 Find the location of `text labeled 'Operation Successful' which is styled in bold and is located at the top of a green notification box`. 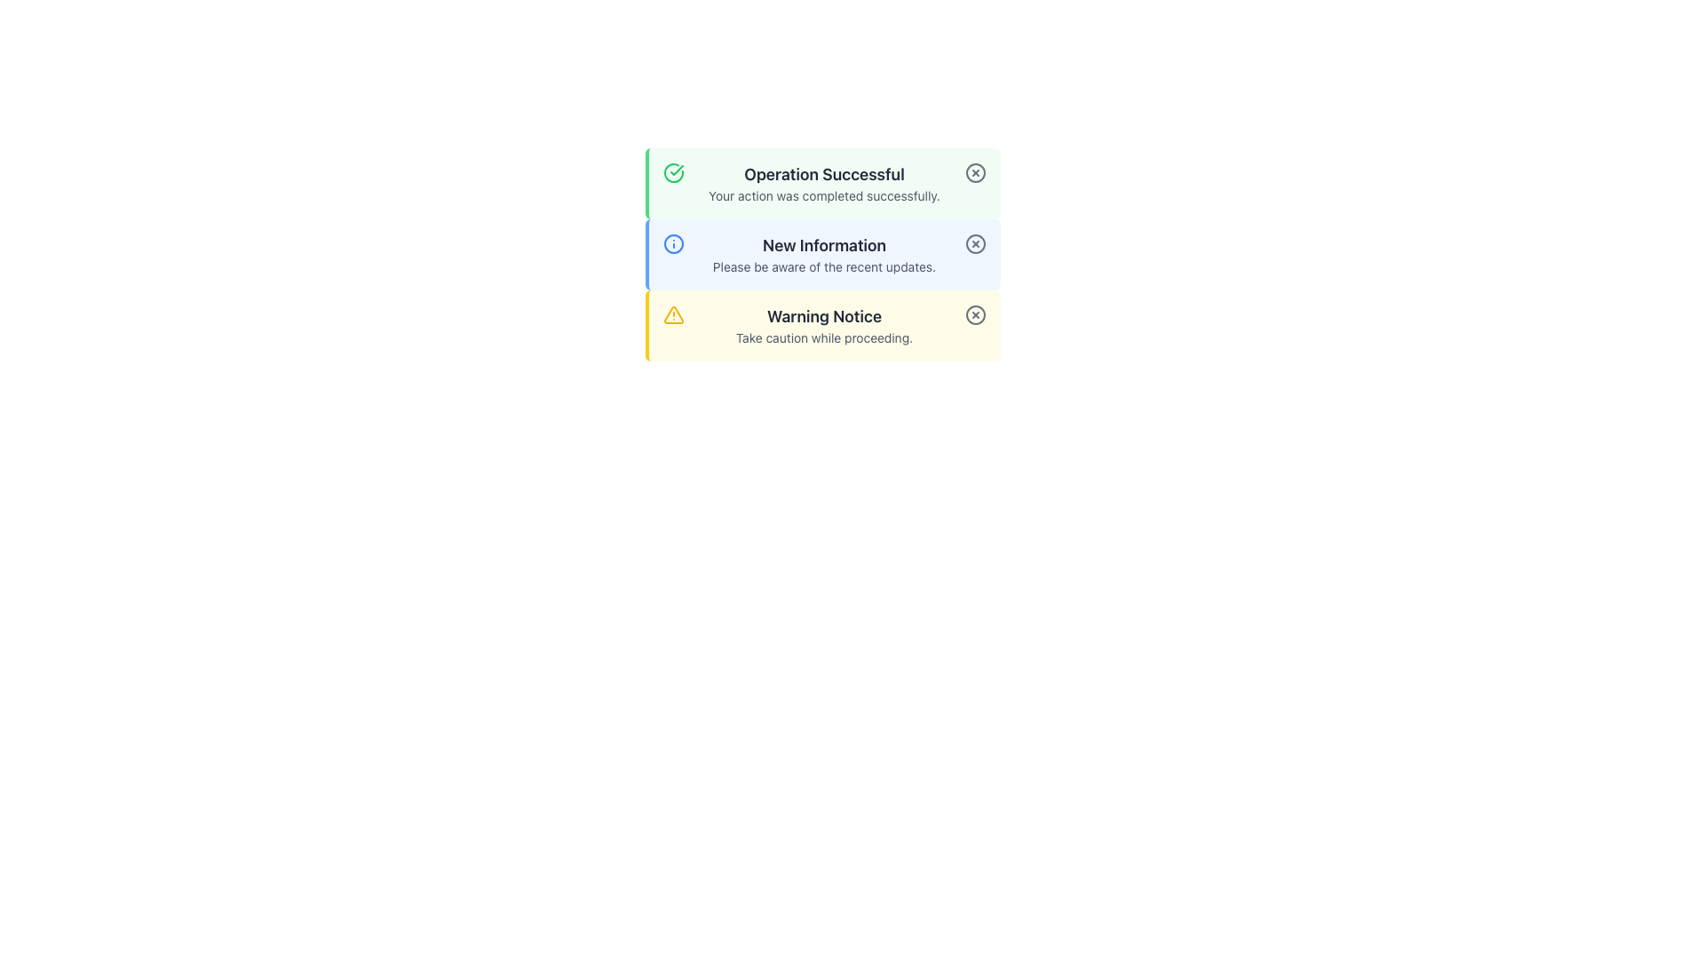

text labeled 'Operation Successful' which is styled in bold and is located at the top of a green notification box is located at coordinates (823, 174).